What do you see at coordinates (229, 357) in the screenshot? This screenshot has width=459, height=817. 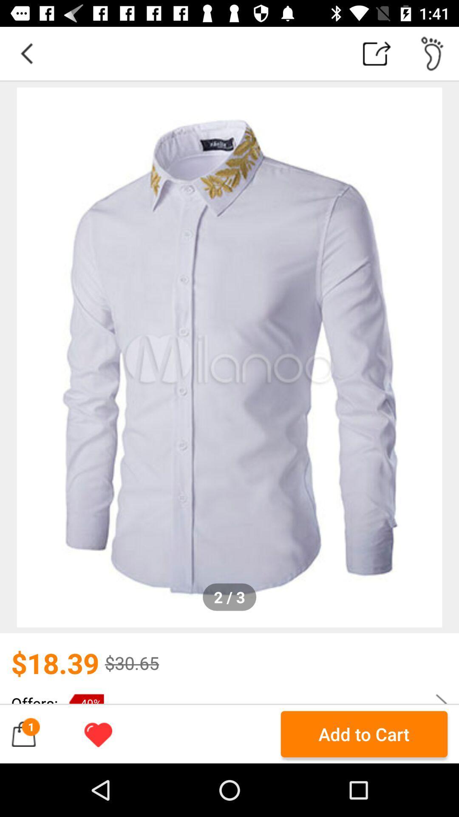 I see `icon at the center` at bounding box center [229, 357].